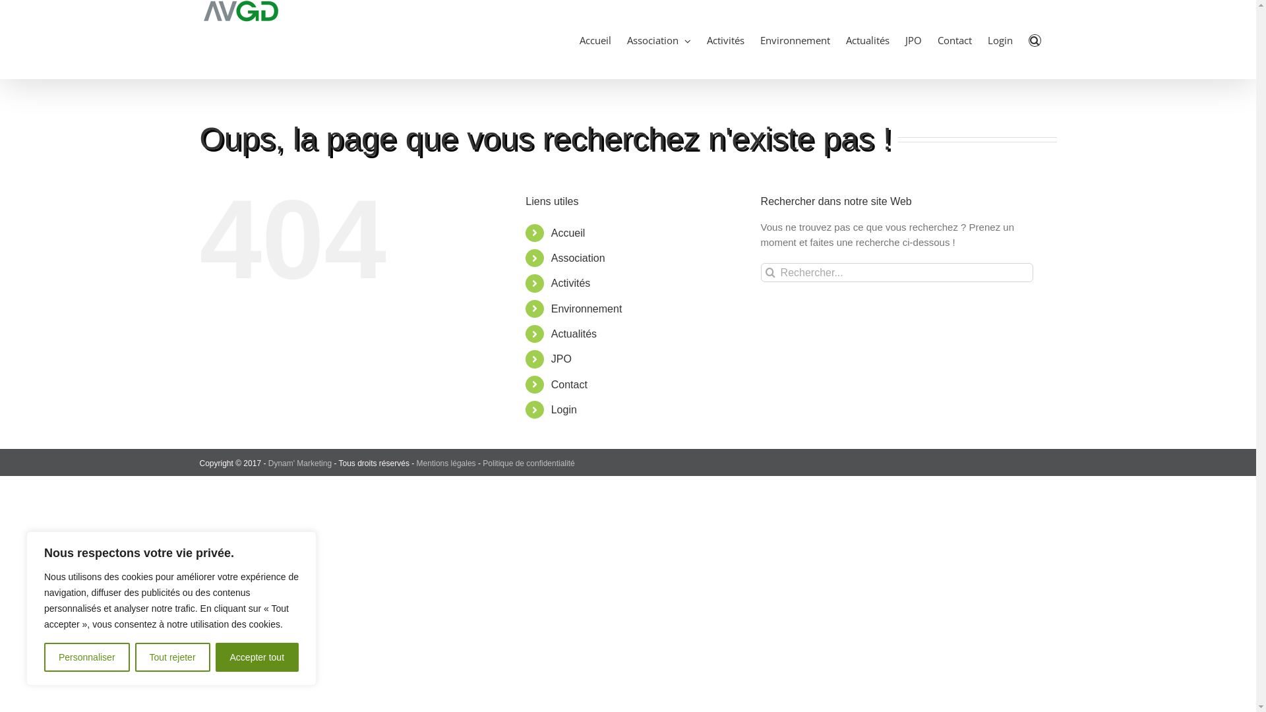 The height and width of the screenshot is (712, 1266). What do you see at coordinates (955, 39) in the screenshot?
I see `'Contact'` at bounding box center [955, 39].